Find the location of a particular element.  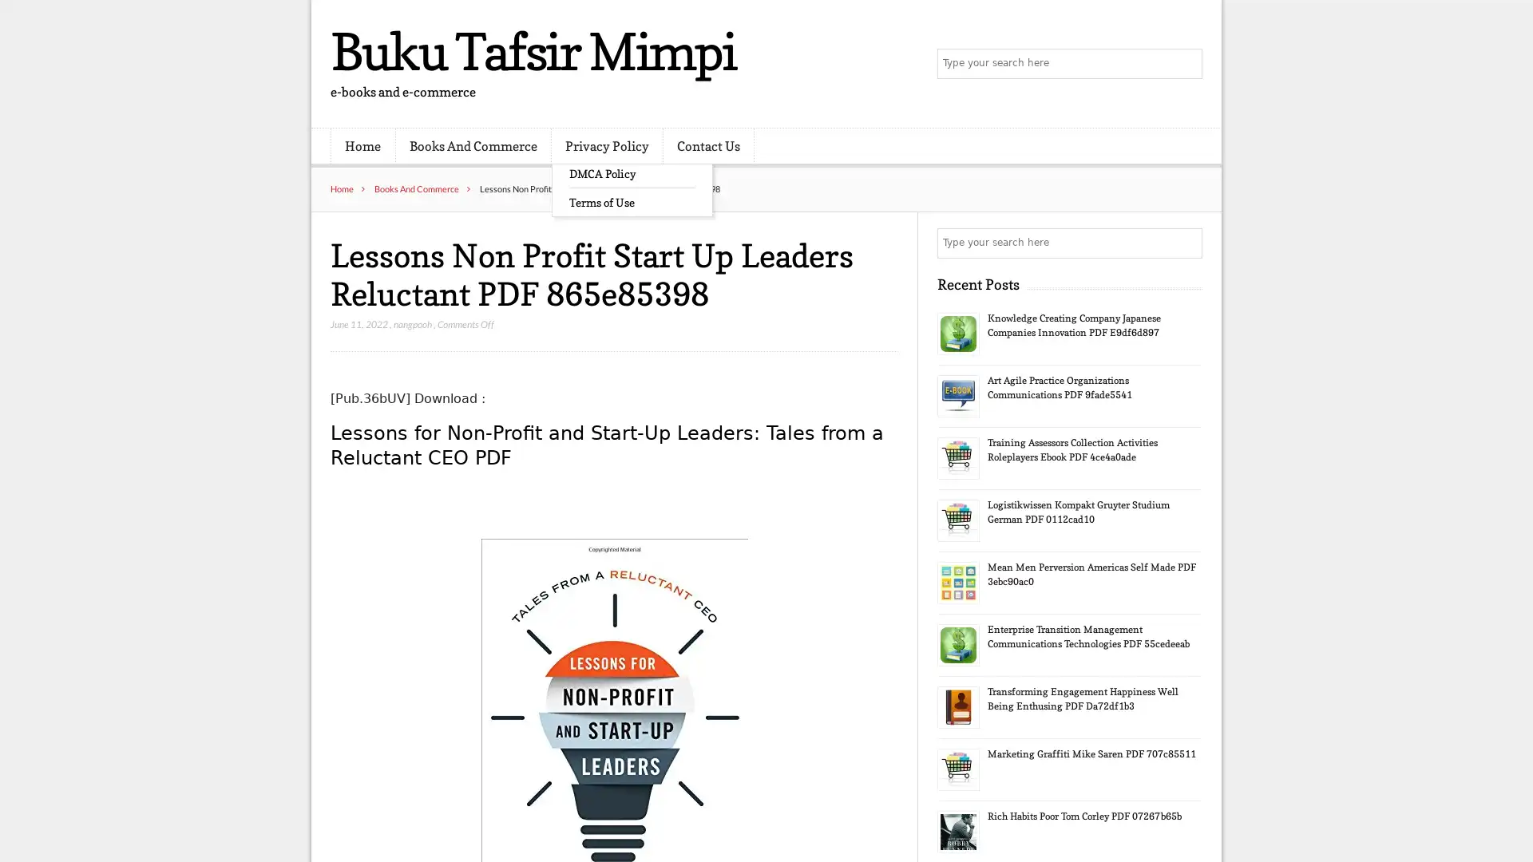

Search is located at coordinates (1186, 243).